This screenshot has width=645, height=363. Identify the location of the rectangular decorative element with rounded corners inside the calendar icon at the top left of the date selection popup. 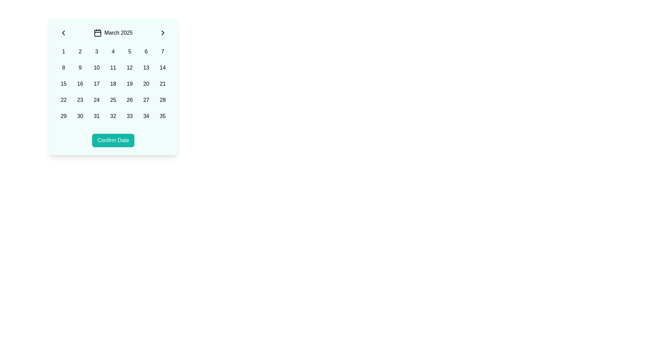
(97, 33).